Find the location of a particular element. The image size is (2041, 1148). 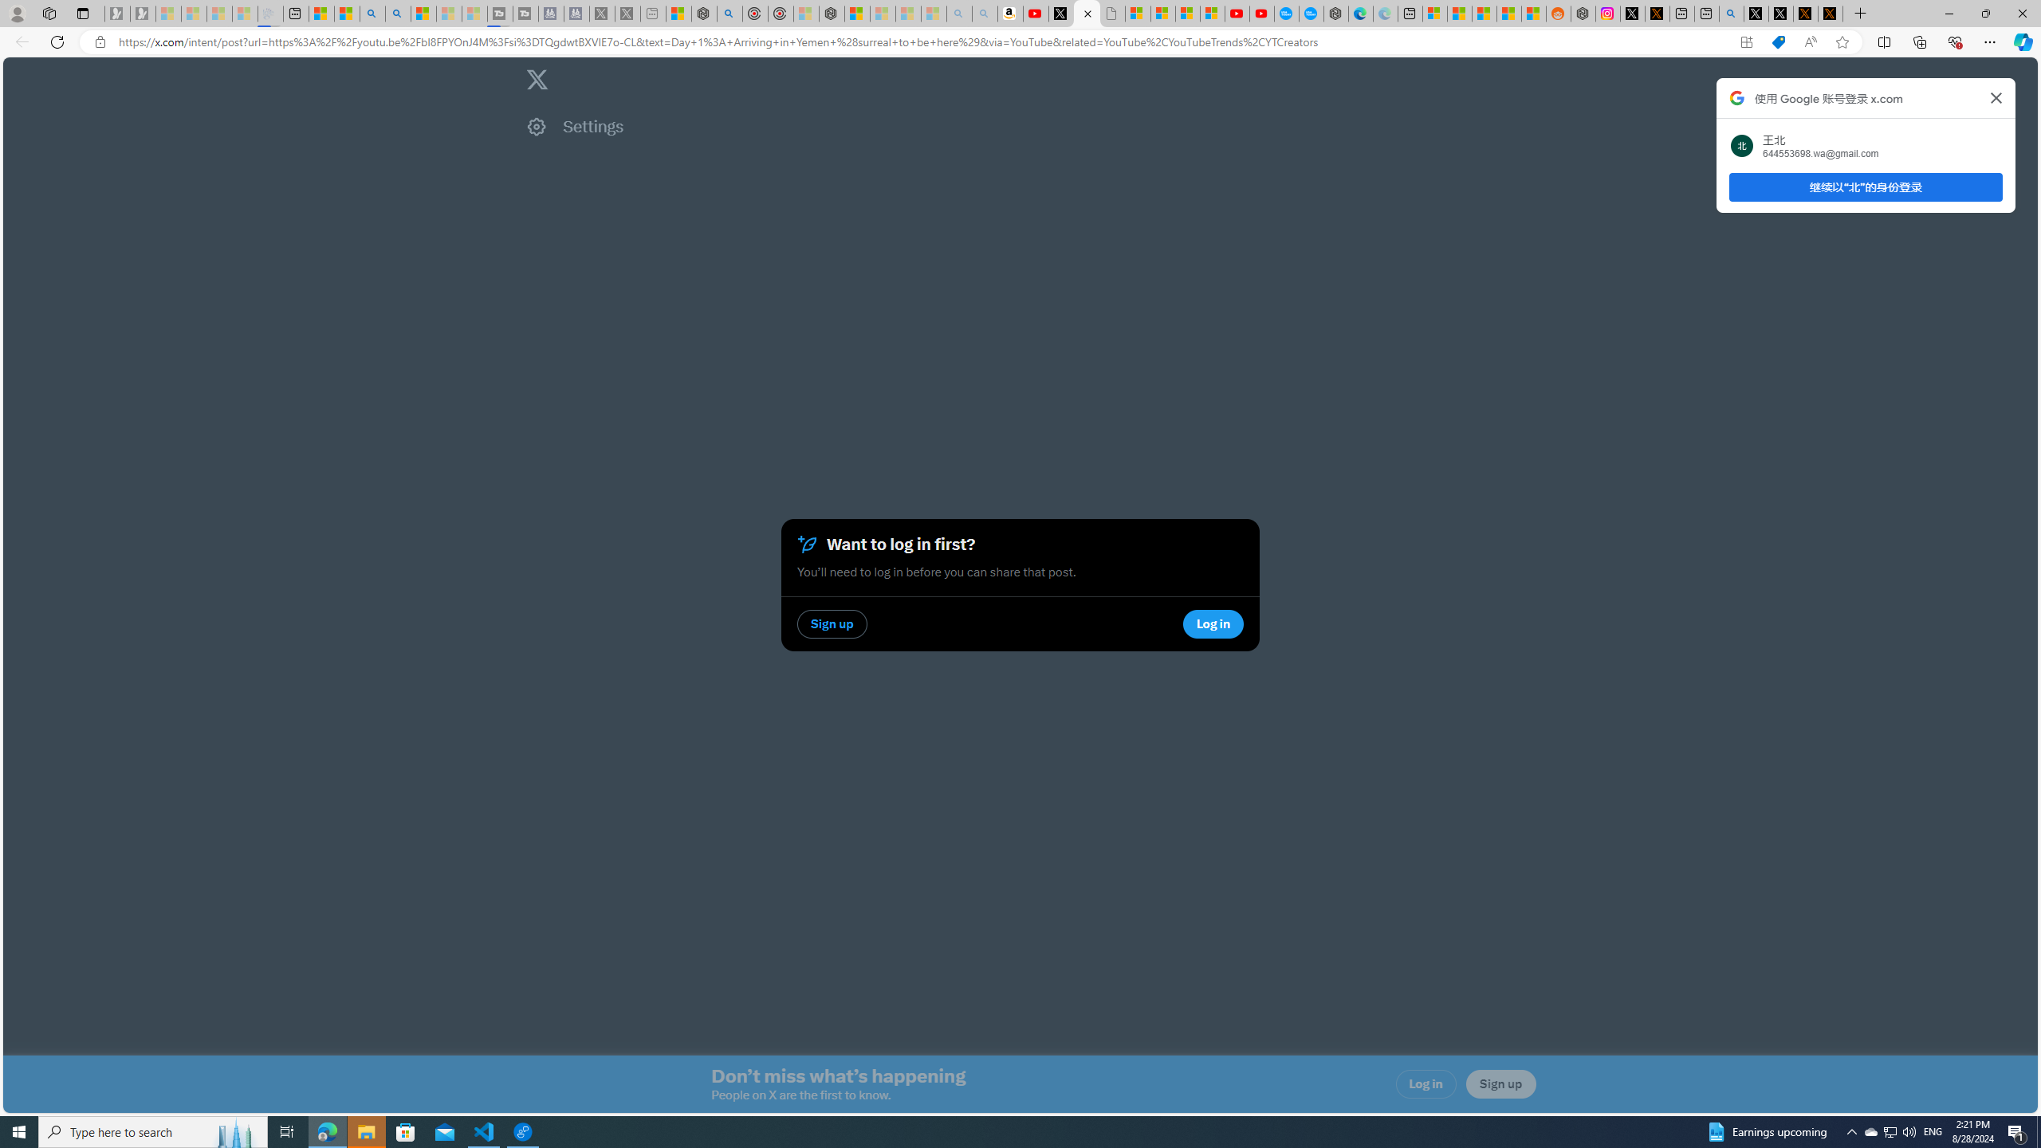

'Browser essentials' is located at coordinates (1954, 41).